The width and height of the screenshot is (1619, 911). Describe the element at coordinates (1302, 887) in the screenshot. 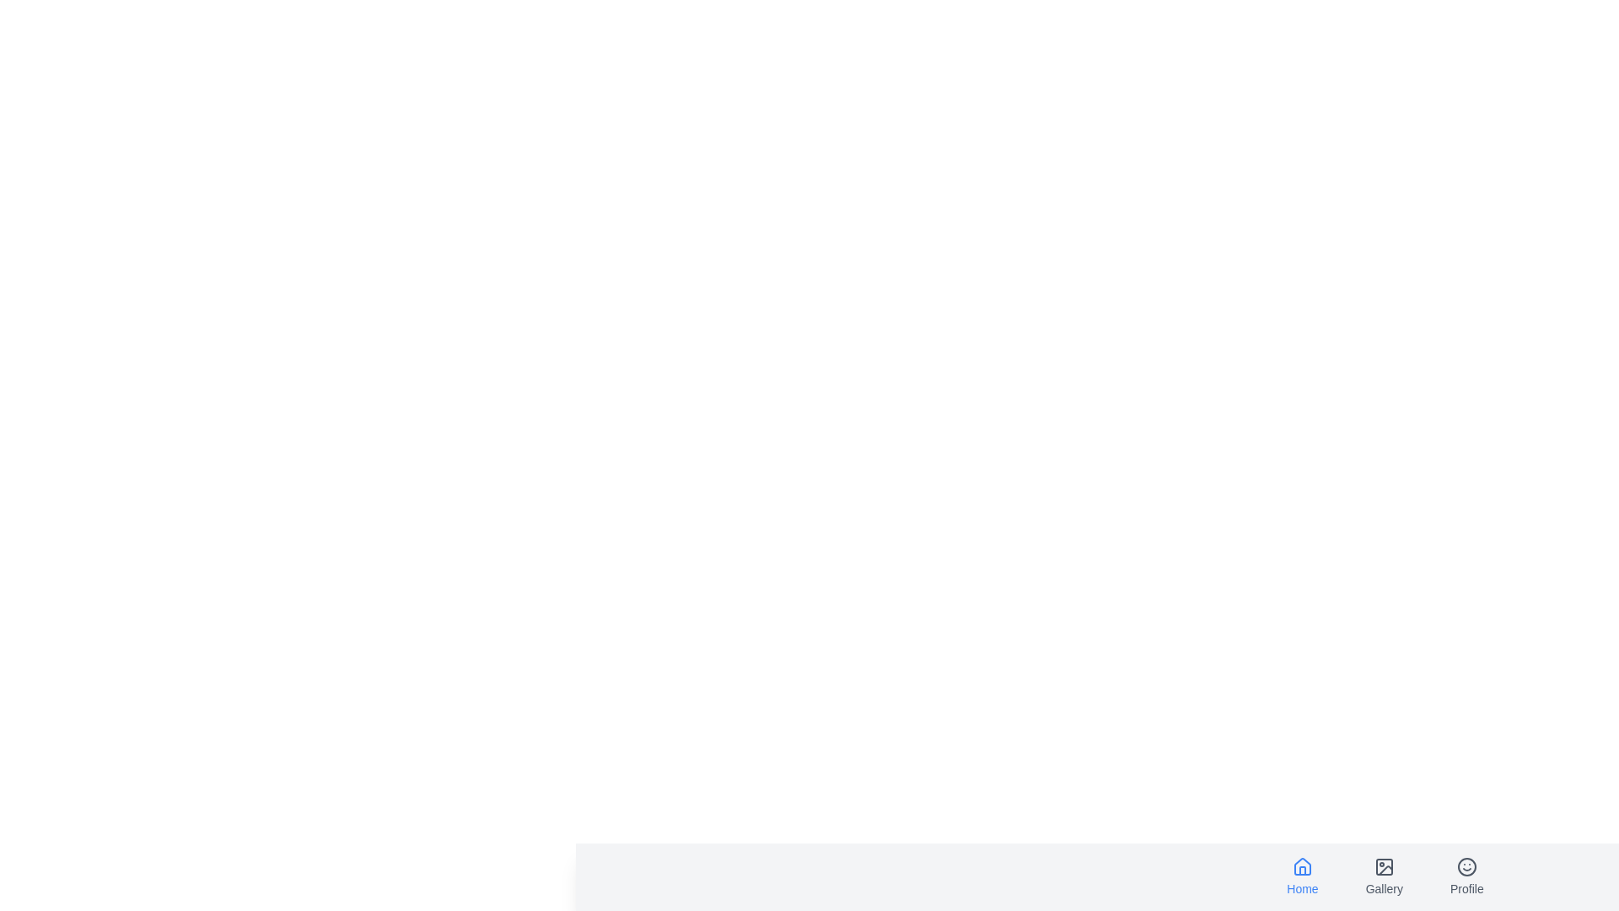

I see `the text label Home of the navigation item` at that location.